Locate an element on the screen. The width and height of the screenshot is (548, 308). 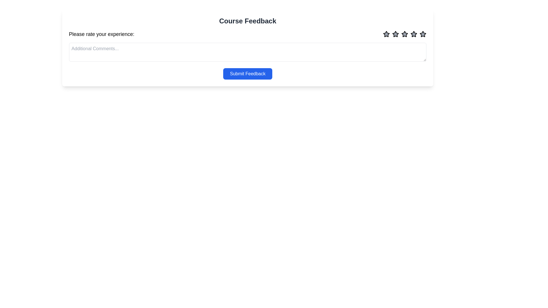
the third rating star, which is a grayish five-pointed star icon in a minimalist outline design is located at coordinates (404, 34).